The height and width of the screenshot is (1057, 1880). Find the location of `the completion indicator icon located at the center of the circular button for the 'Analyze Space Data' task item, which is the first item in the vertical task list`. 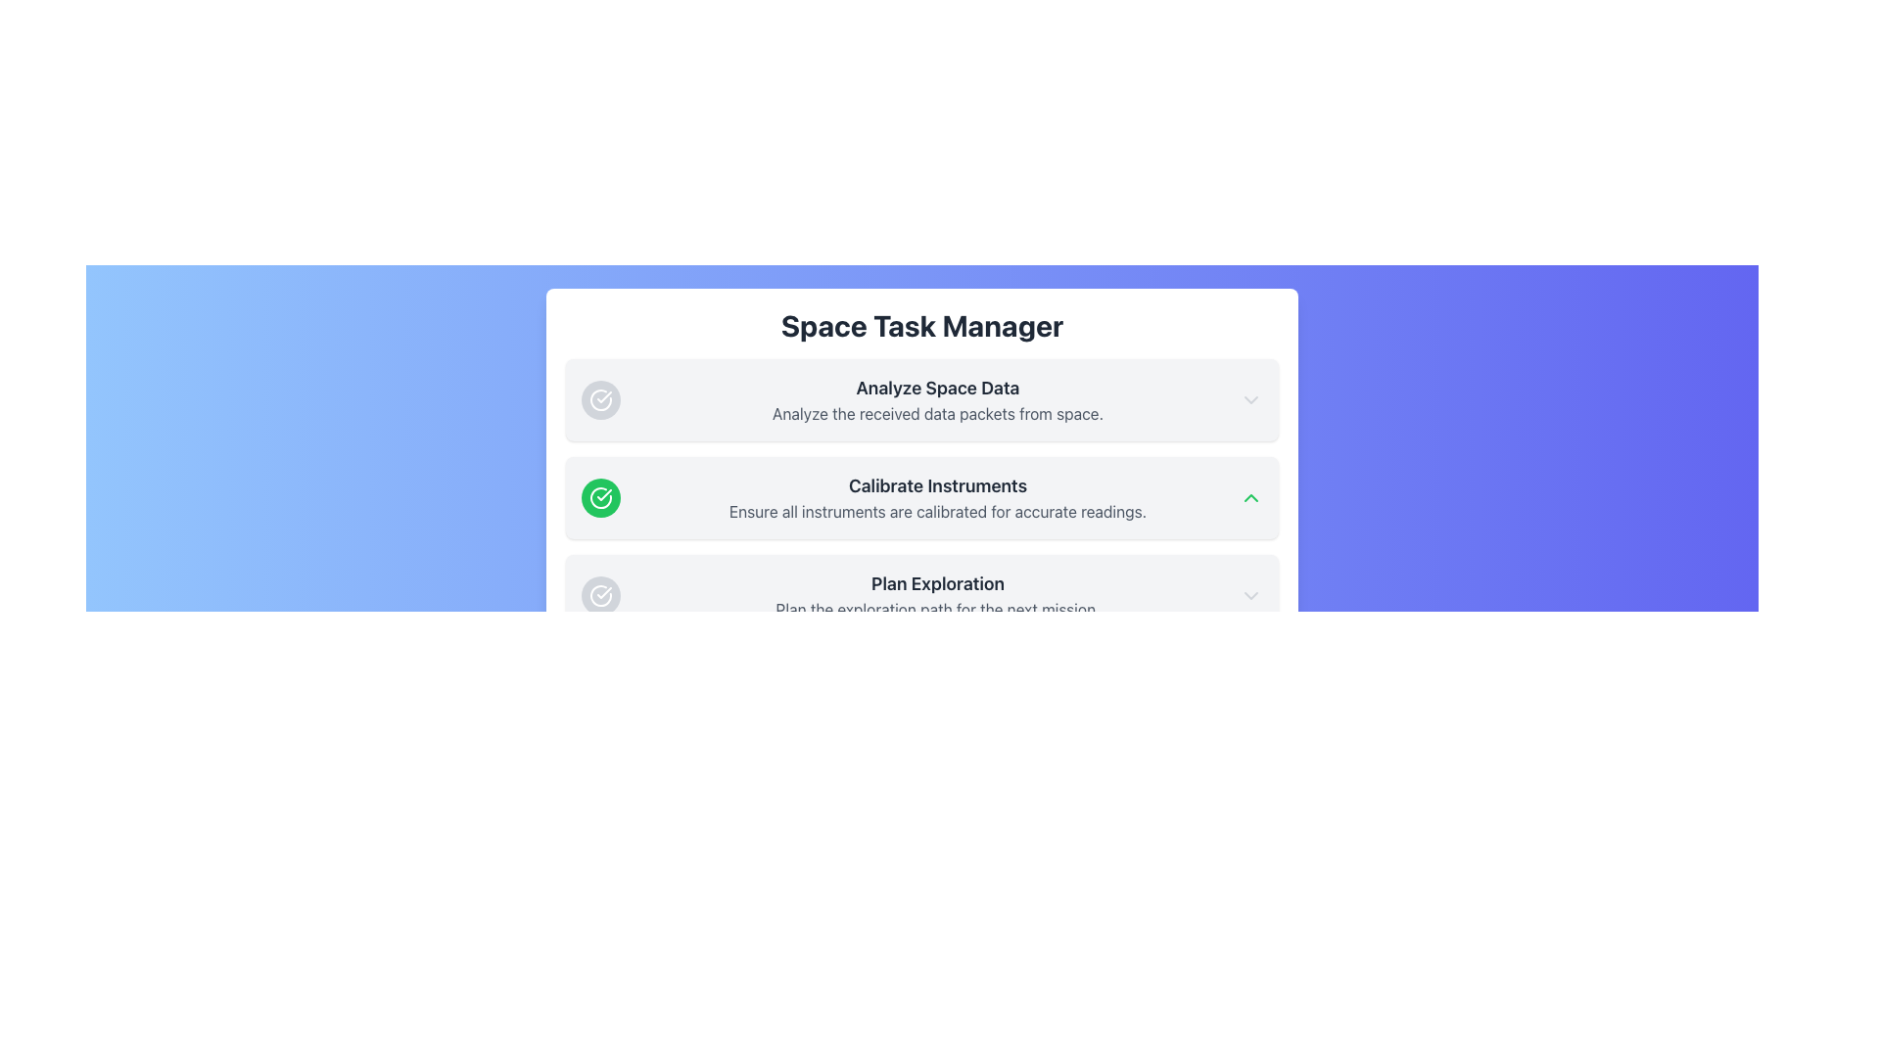

the completion indicator icon located at the center of the circular button for the 'Analyze Space Data' task item, which is the first item in the vertical task list is located at coordinates (600, 398).